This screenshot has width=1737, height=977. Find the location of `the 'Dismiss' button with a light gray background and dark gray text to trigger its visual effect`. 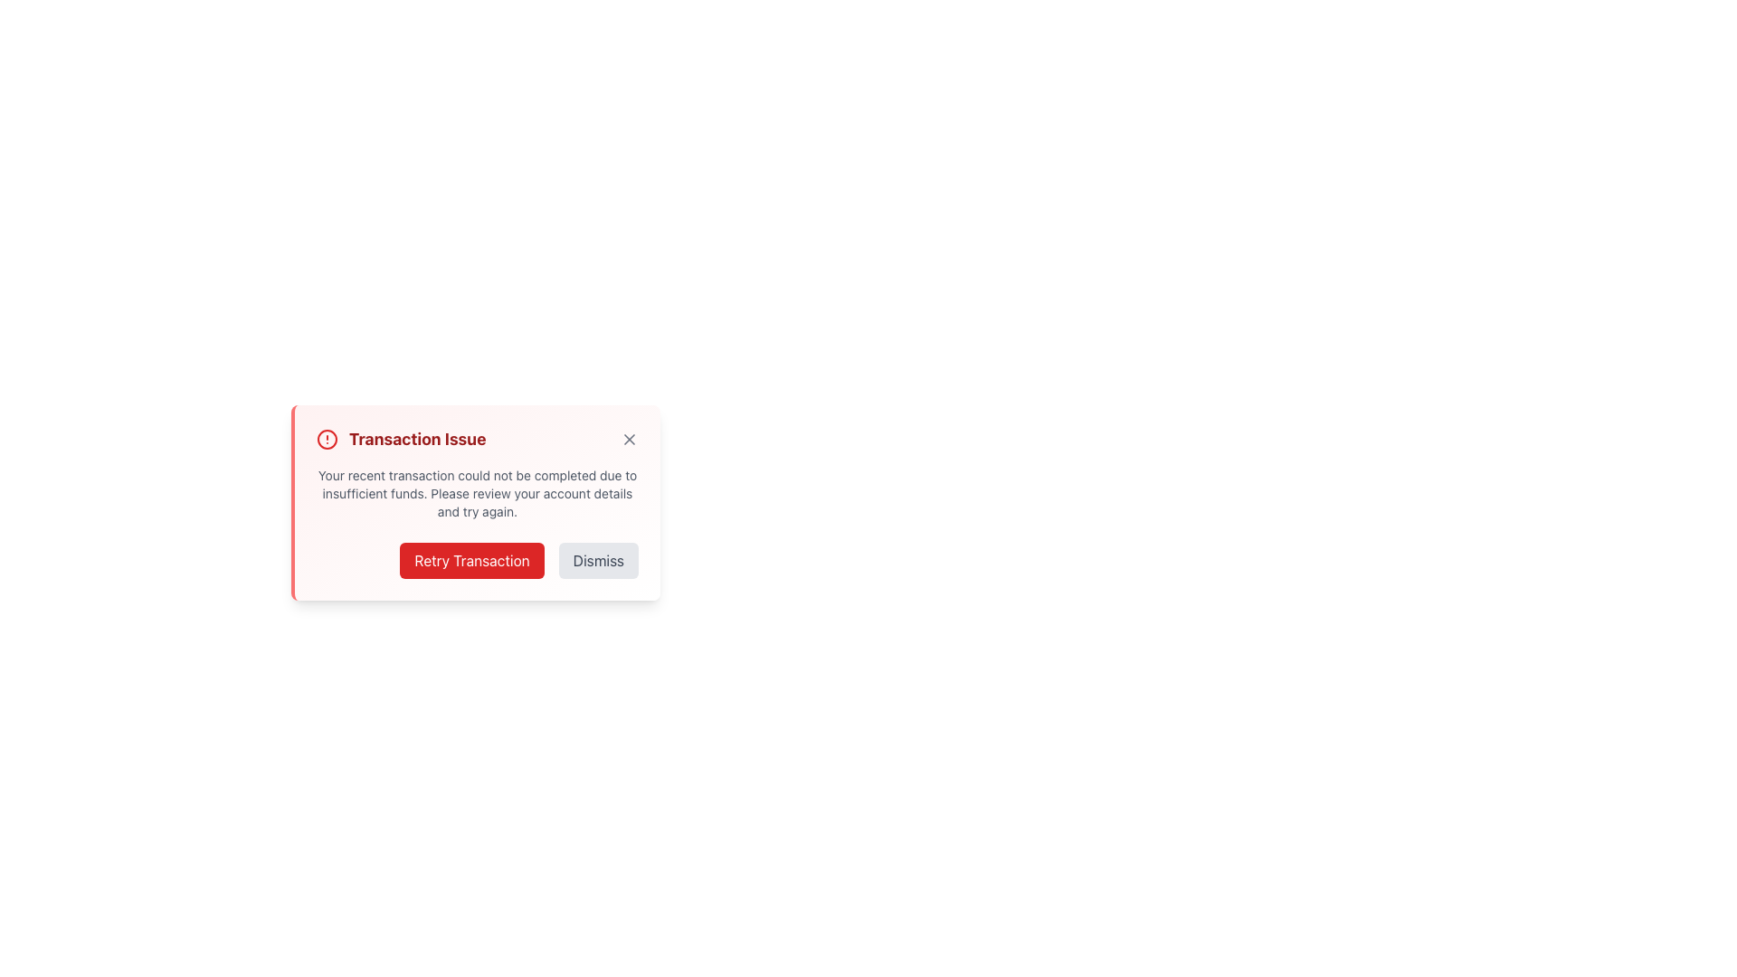

the 'Dismiss' button with a light gray background and dark gray text to trigger its visual effect is located at coordinates (598, 560).